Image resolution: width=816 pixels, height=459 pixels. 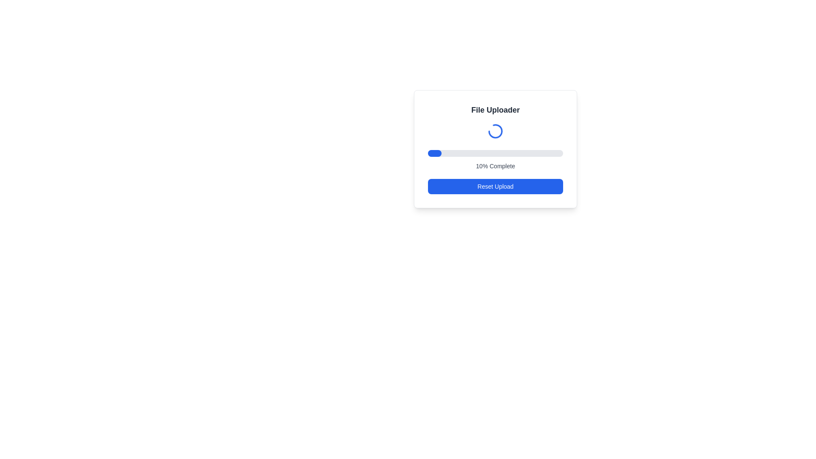 I want to click on the loading spinner icon located in the 'File Uploader' modal, positioned centrally above the progress bar and below the label 'File Uploader', so click(x=496, y=131).